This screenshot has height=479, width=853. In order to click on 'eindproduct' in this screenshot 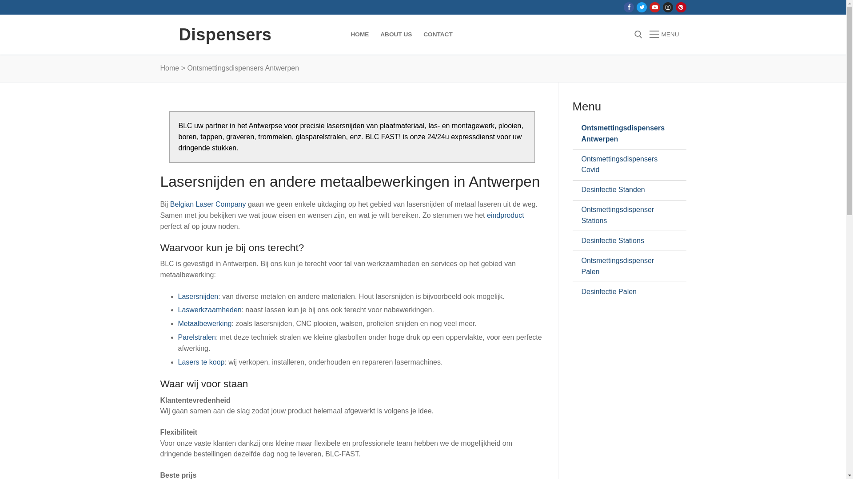, I will do `click(486, 215)`.